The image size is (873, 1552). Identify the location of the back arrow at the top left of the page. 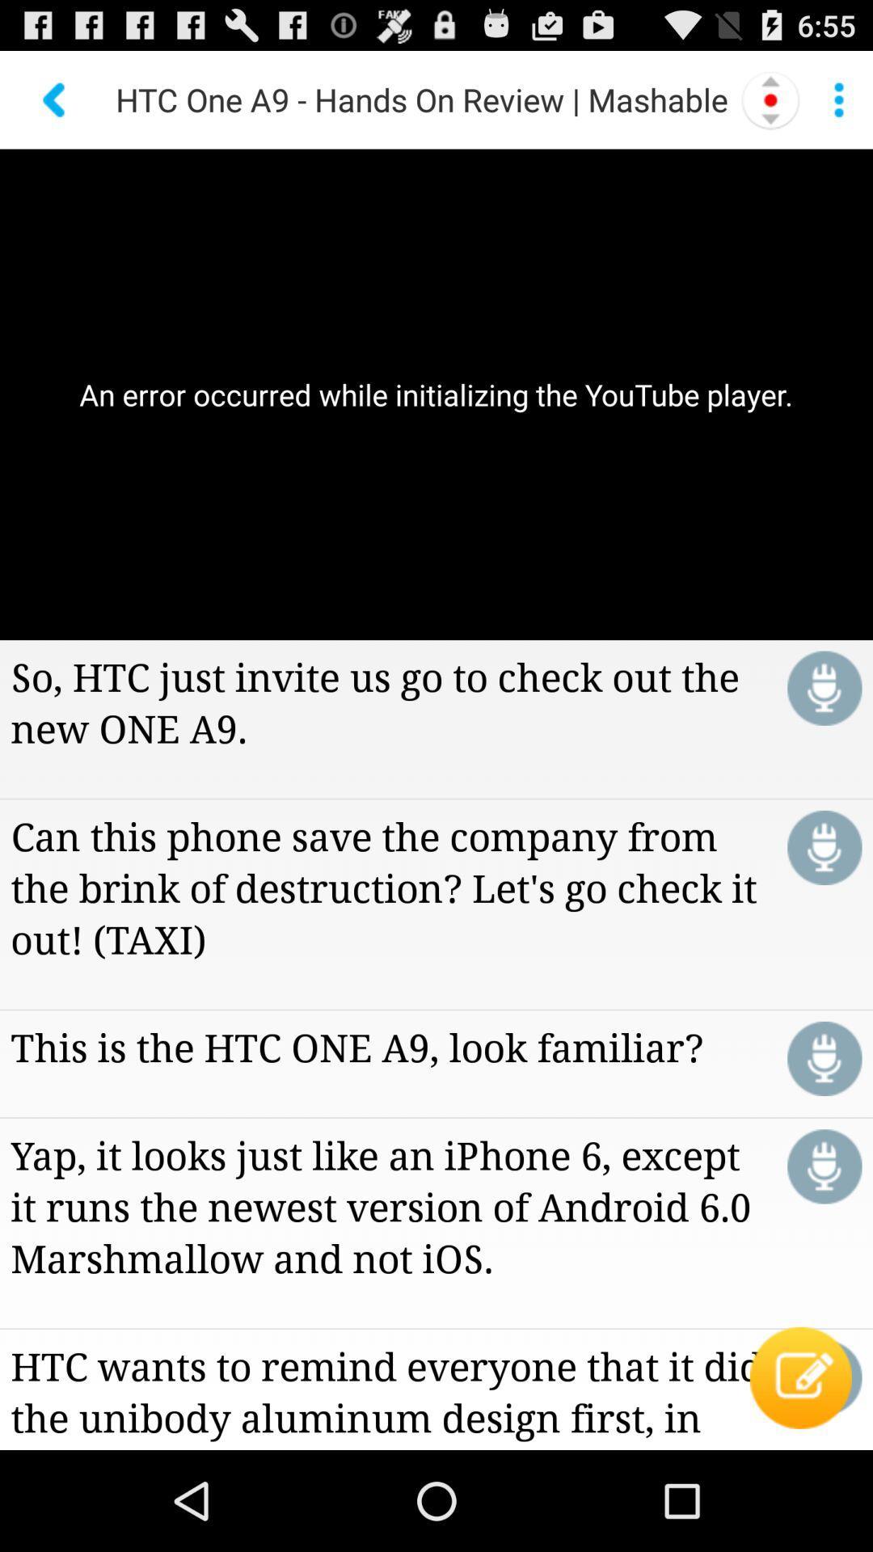
(55, 99).